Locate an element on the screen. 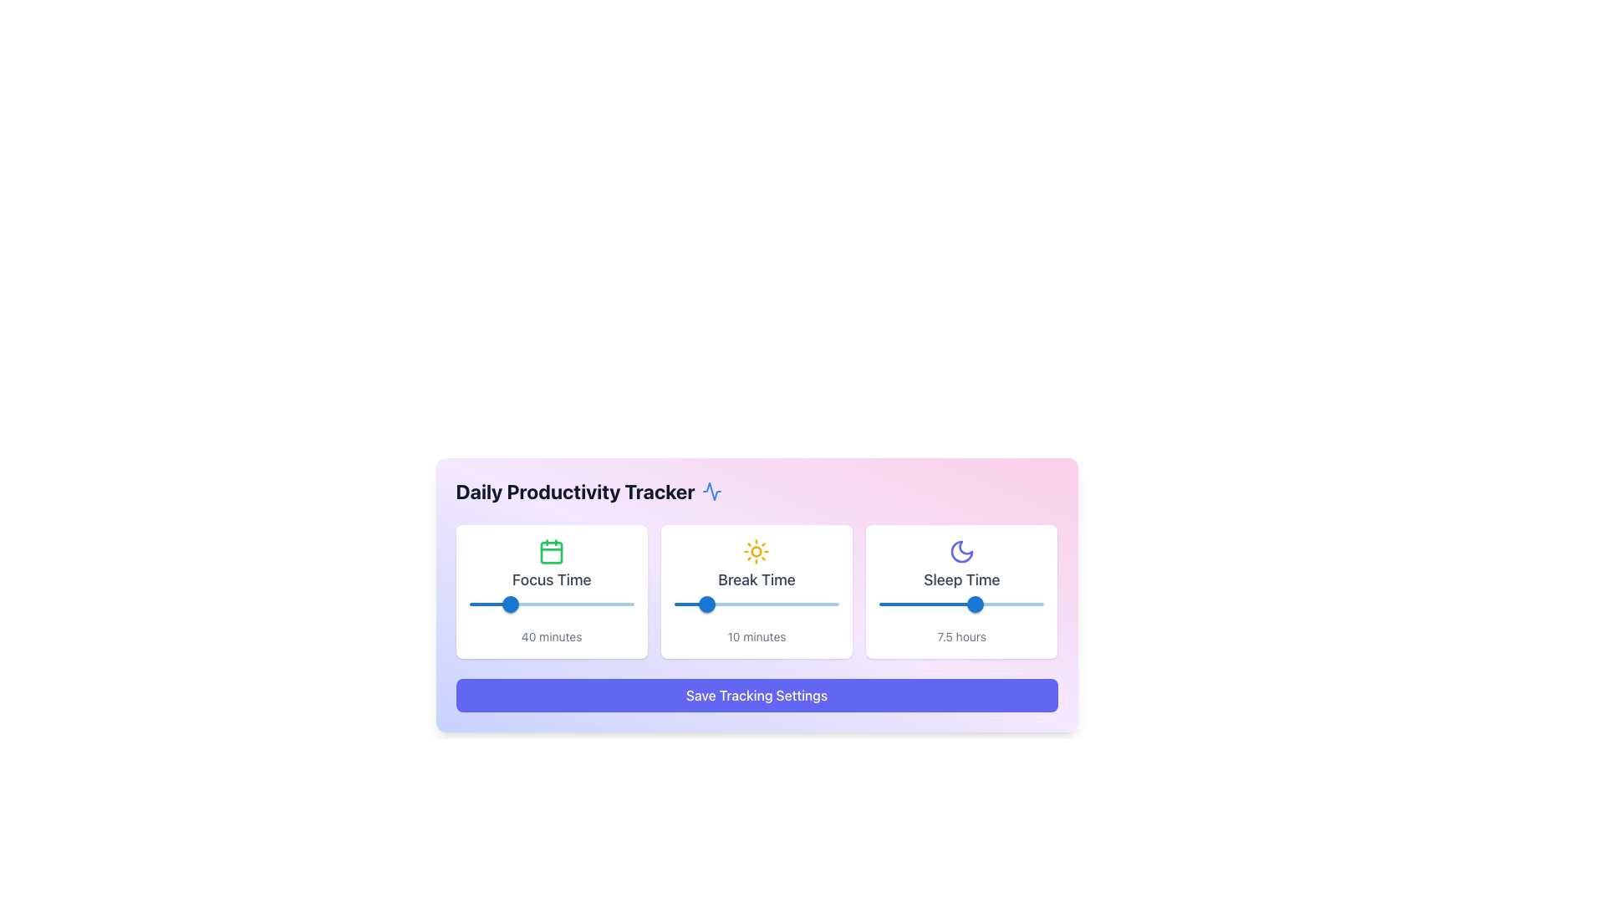 Image resolution: width=1605 pixels, height=903 pixels. break time is located at coordinates (715, 604).